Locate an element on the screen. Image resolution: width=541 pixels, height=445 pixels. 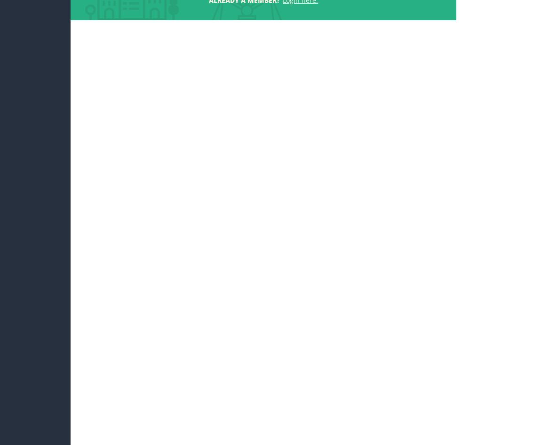
'Since Russia annexed Crimea in 2014, there has been a somewhat mixed reaction to the increased Russian presence on the peninsula. Some welcome it, others reject it in hushed voices.' is located at coordinates (144, 162).